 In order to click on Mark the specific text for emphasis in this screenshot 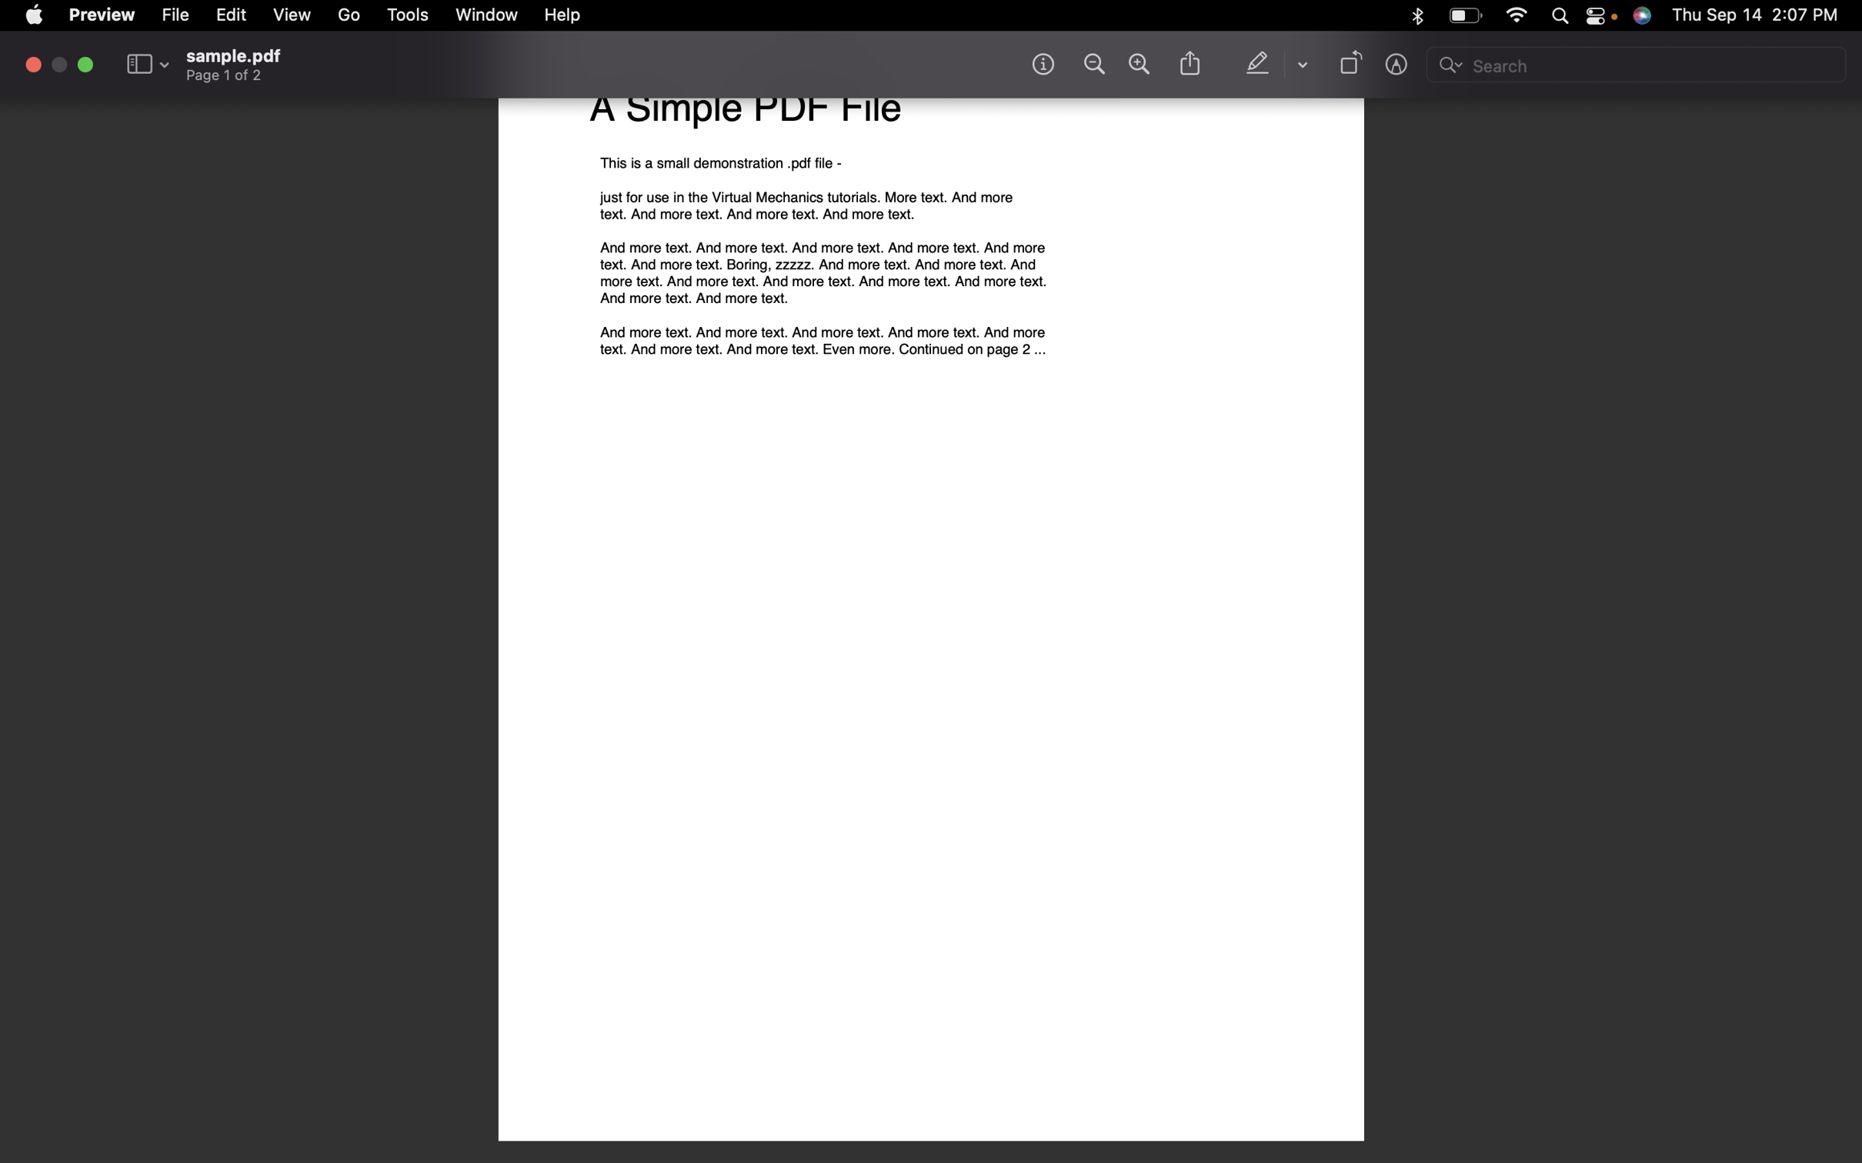, I will do `click(1260, 64)`.